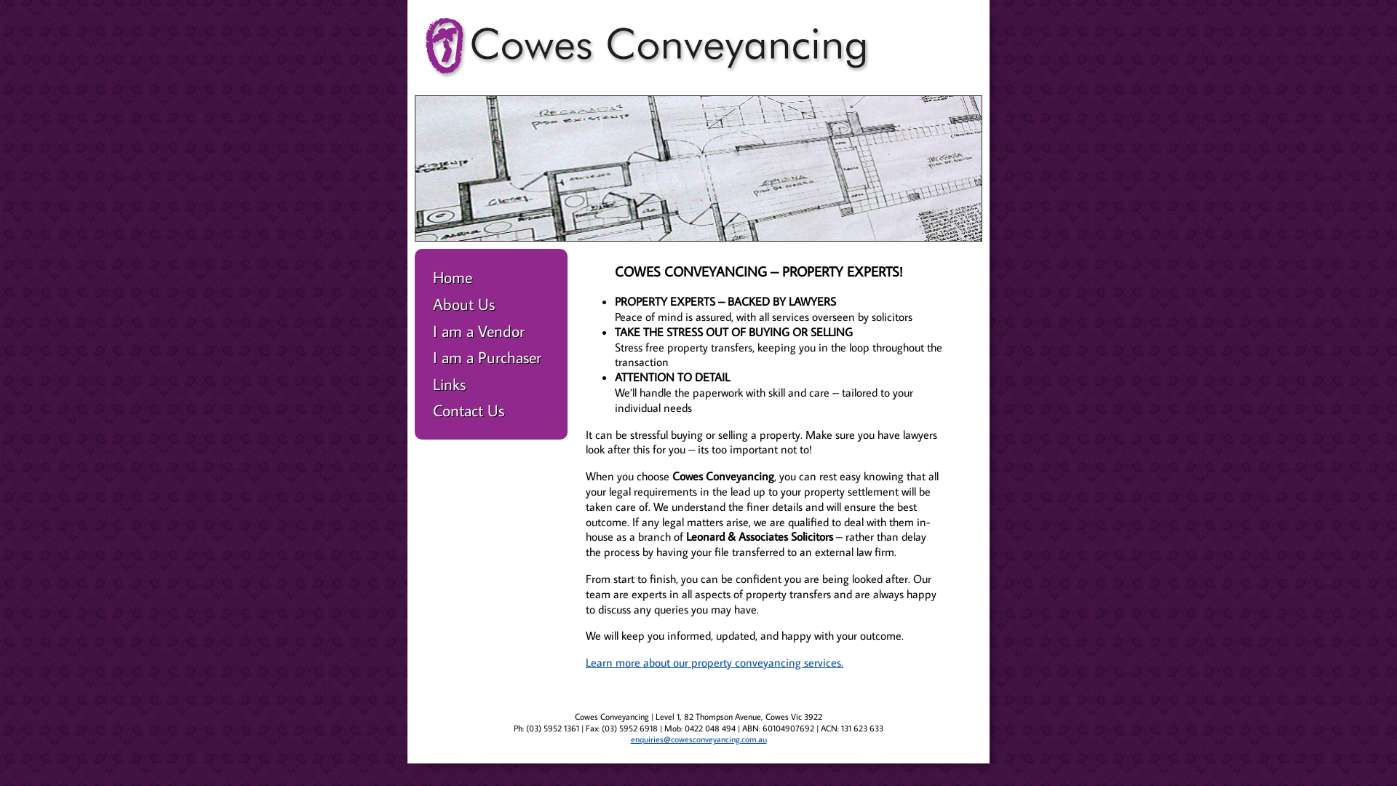  Describe the element at coordinates (491, 384) in the screenshot. I see `'Links'` at that location.